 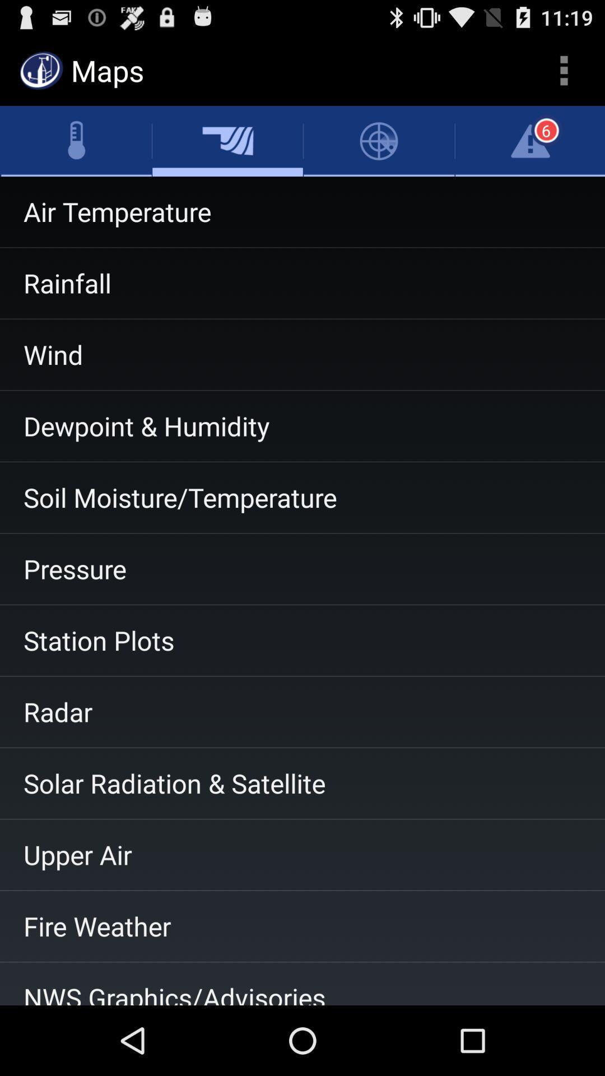 What do you see at coordinates (302, 711) in the screenshot?
I see `radar` at bounding box center [302, 711].